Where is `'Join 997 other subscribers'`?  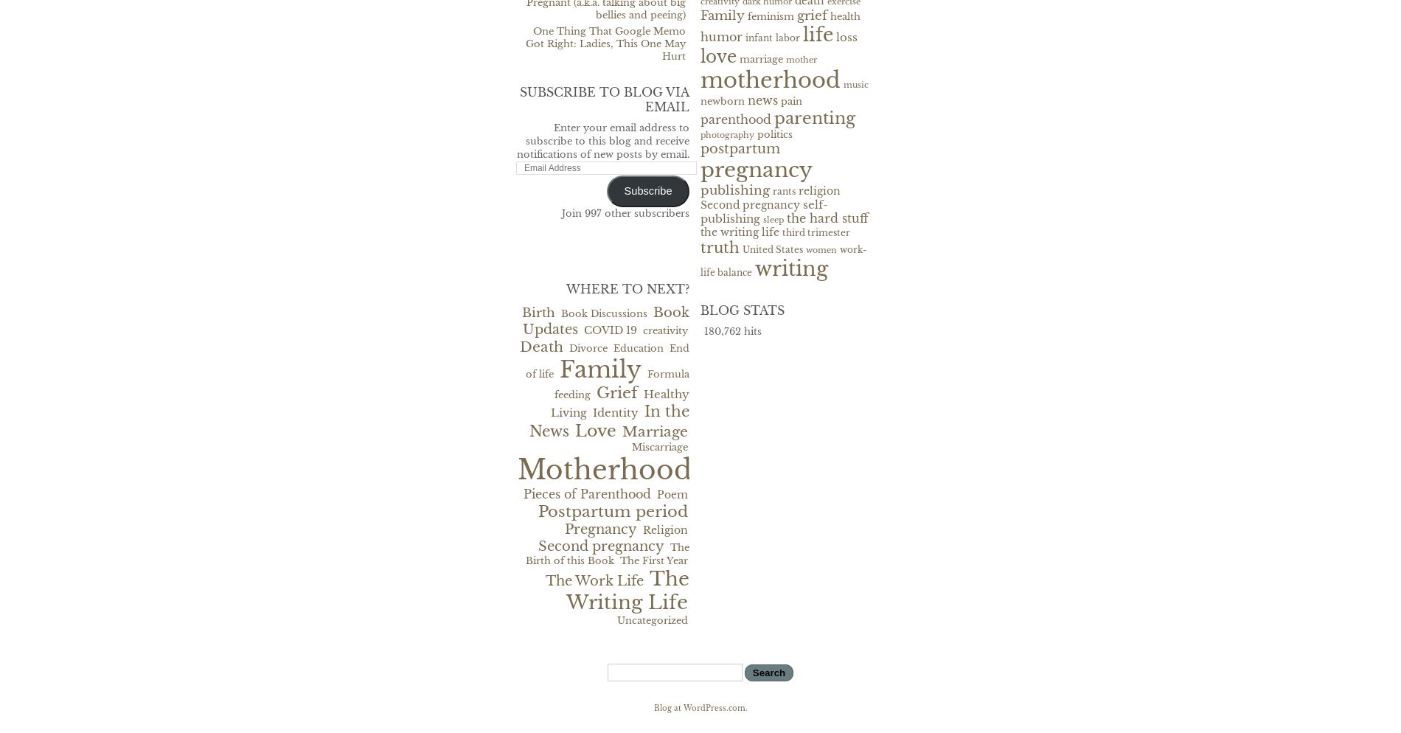 'Join 997 other subscribers' is located at coordinates (625, 213).